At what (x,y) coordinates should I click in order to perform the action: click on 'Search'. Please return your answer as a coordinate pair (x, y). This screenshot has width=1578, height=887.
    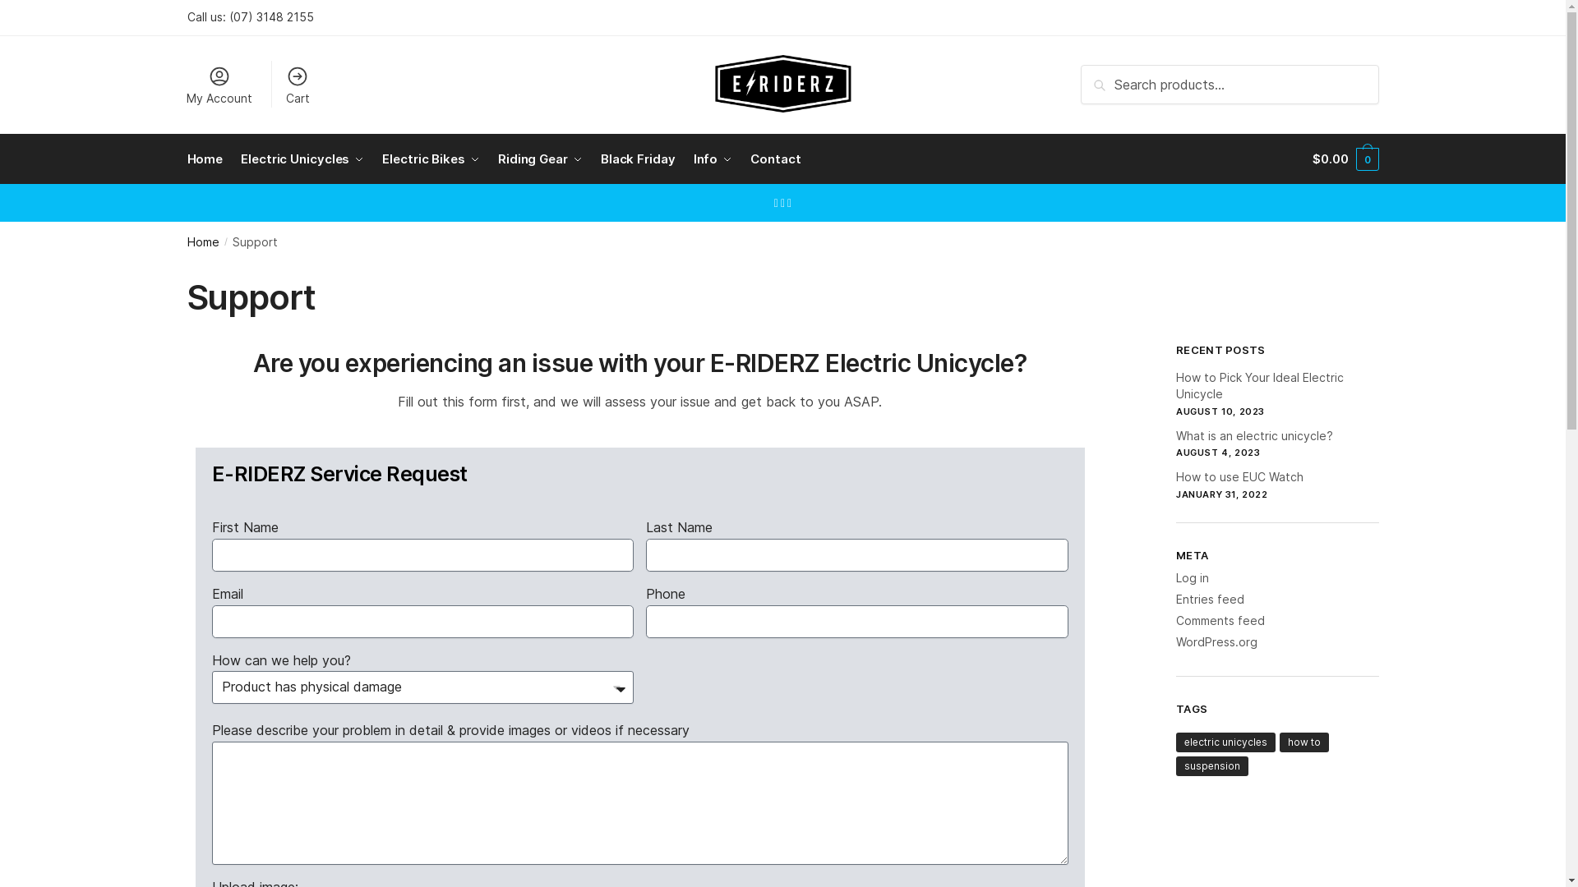
    Looking at the image, I should click on (1106, 76).